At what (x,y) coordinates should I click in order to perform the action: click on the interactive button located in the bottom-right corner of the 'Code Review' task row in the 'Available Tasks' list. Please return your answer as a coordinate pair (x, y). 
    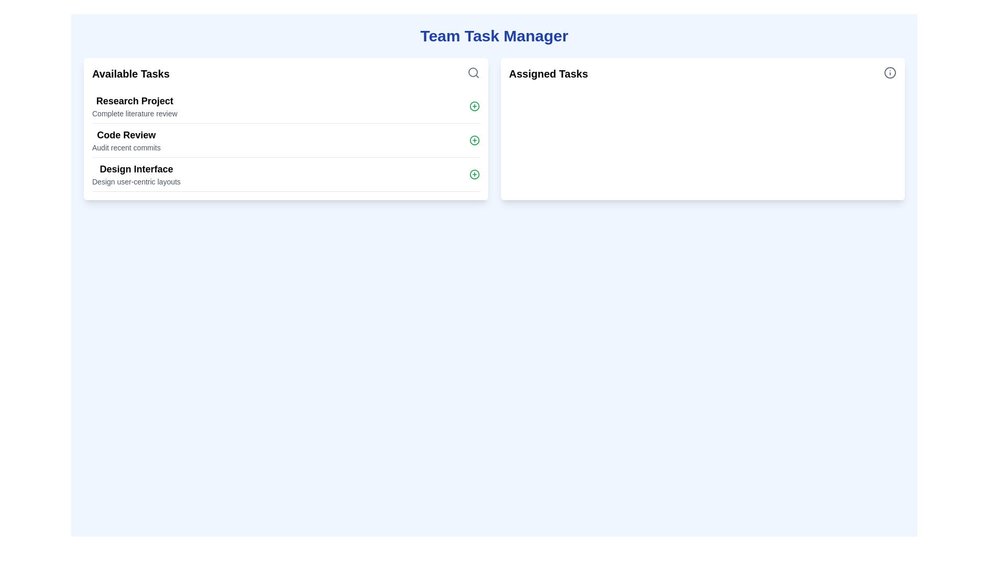
    Looking at the image, I should click on (474, 139).